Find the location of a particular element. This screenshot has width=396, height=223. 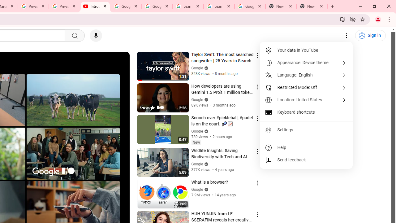

'Search with your voice' is located at coordinates (95, 36).